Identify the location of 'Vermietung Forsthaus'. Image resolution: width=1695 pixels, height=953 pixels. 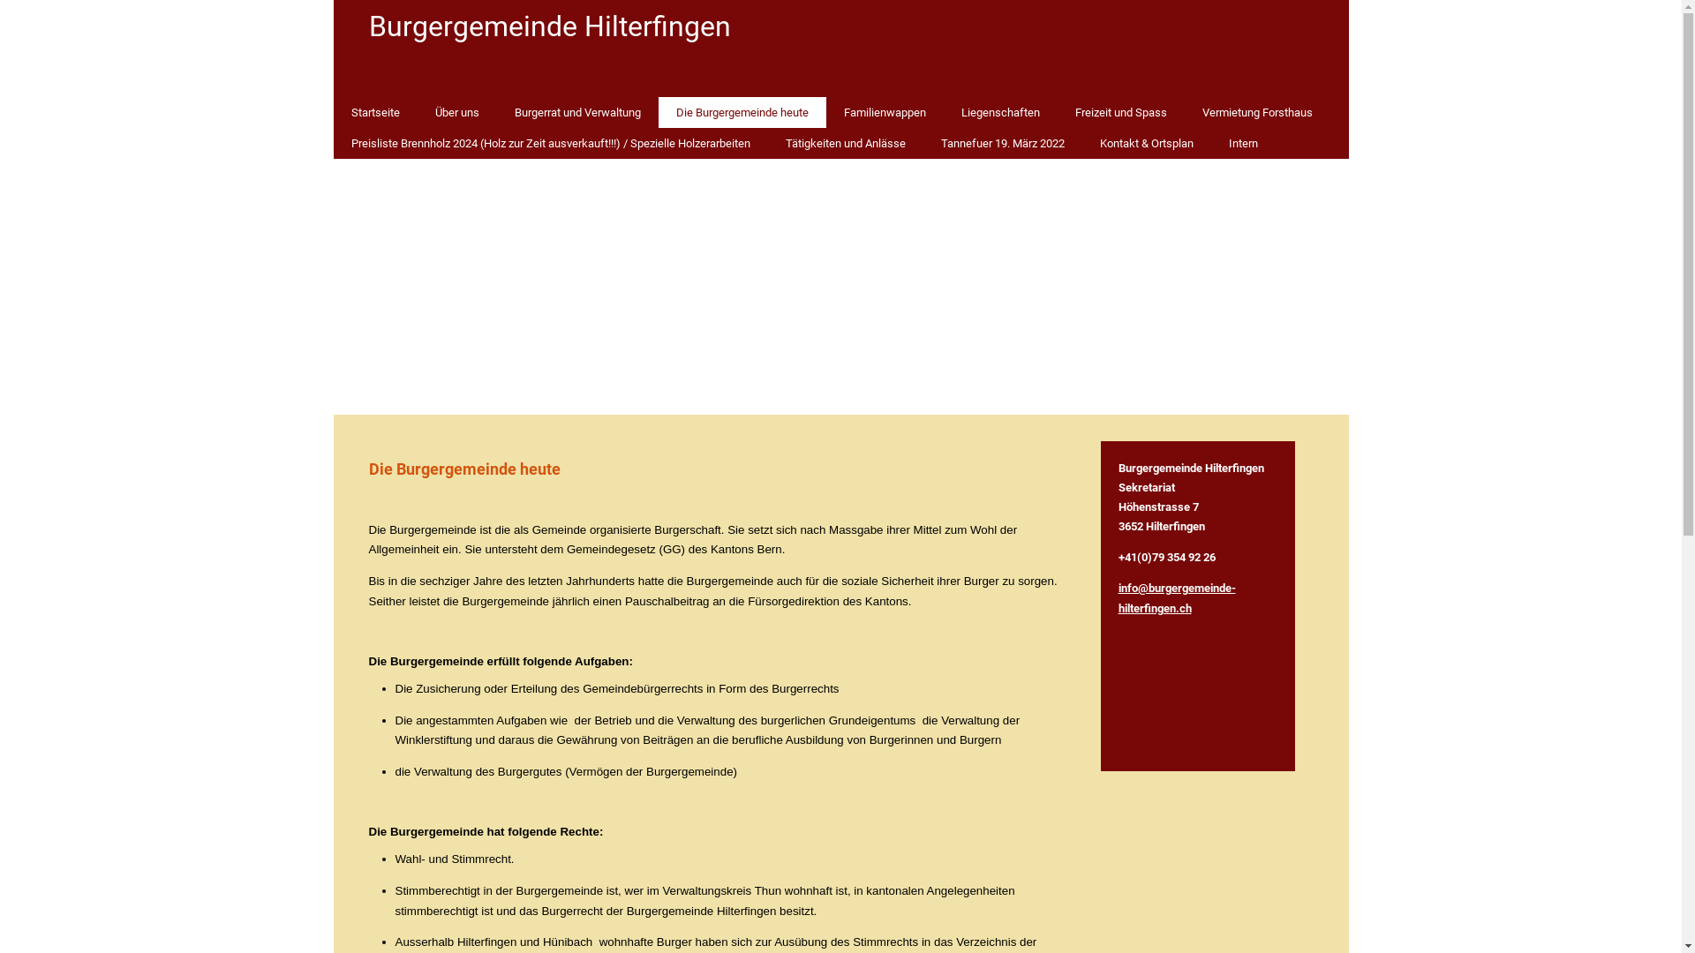
(1256, 112).